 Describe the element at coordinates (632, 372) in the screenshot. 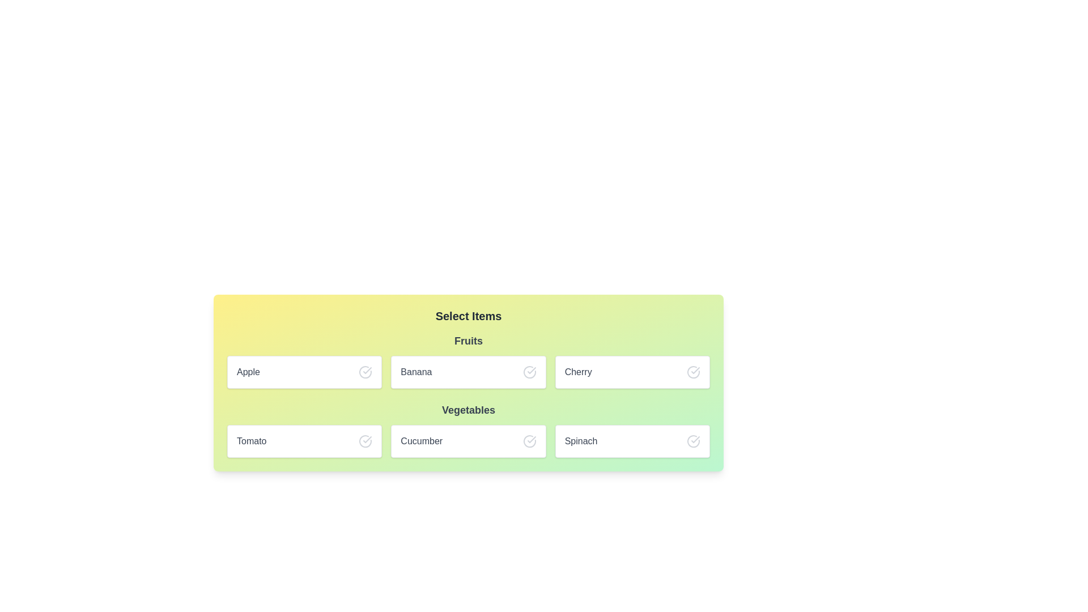

I see `the 'Cherry' selectable list item under the 'Fruits' category` at that location.